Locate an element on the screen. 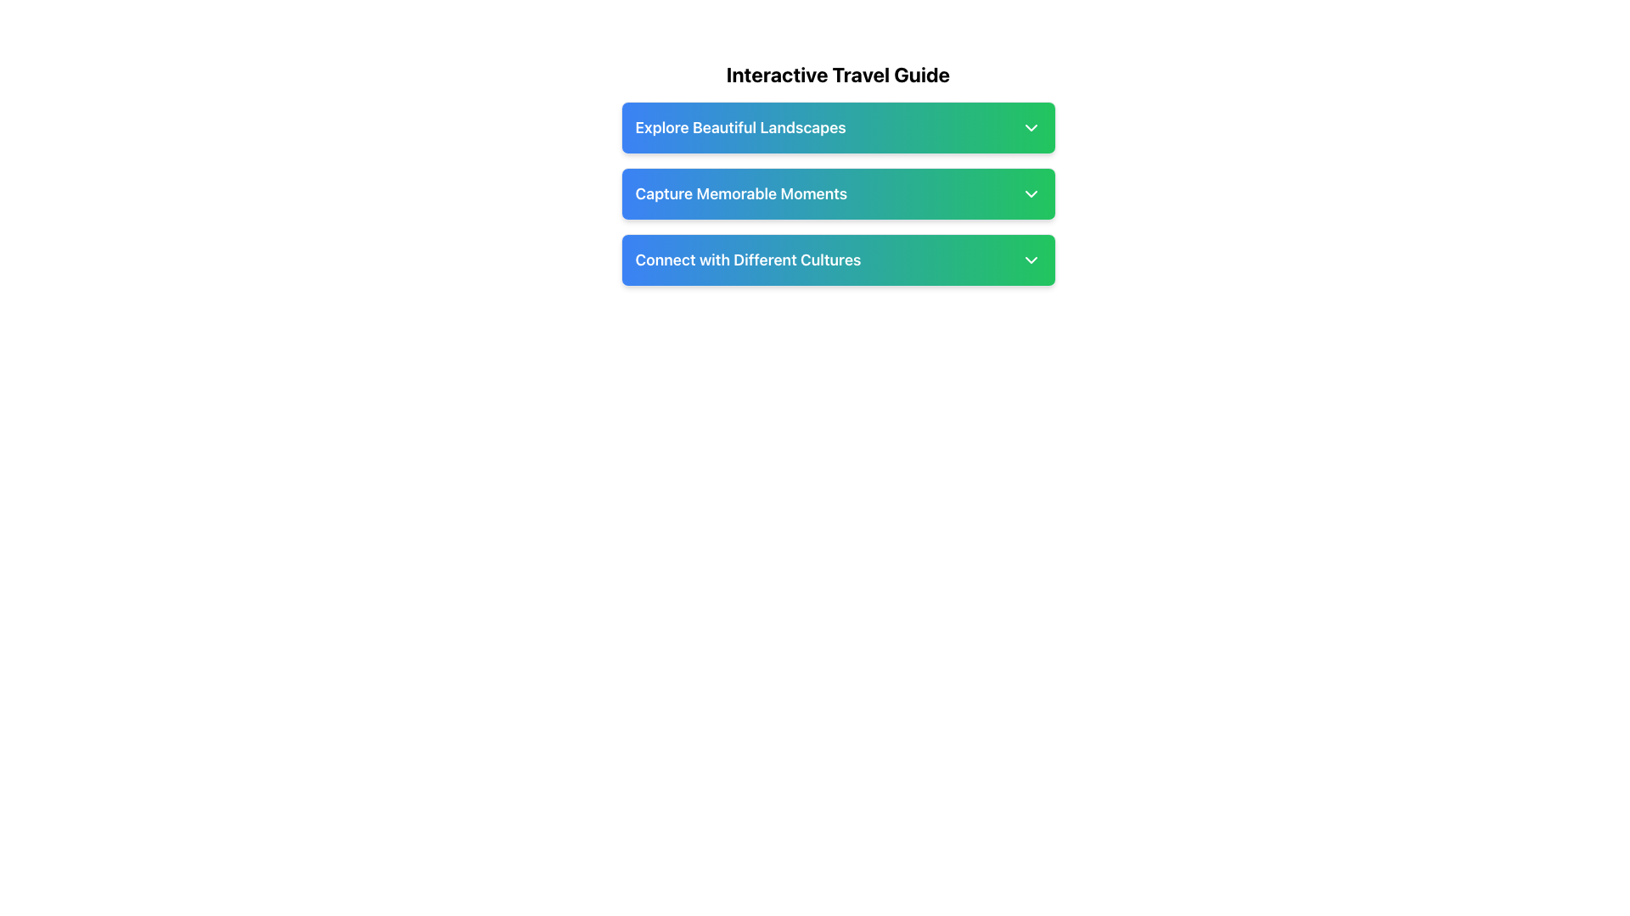  the Chevron Down icon located at the right end of the 'Explore Beautiful Landscapes' button is located at coordinates (1030, 126).